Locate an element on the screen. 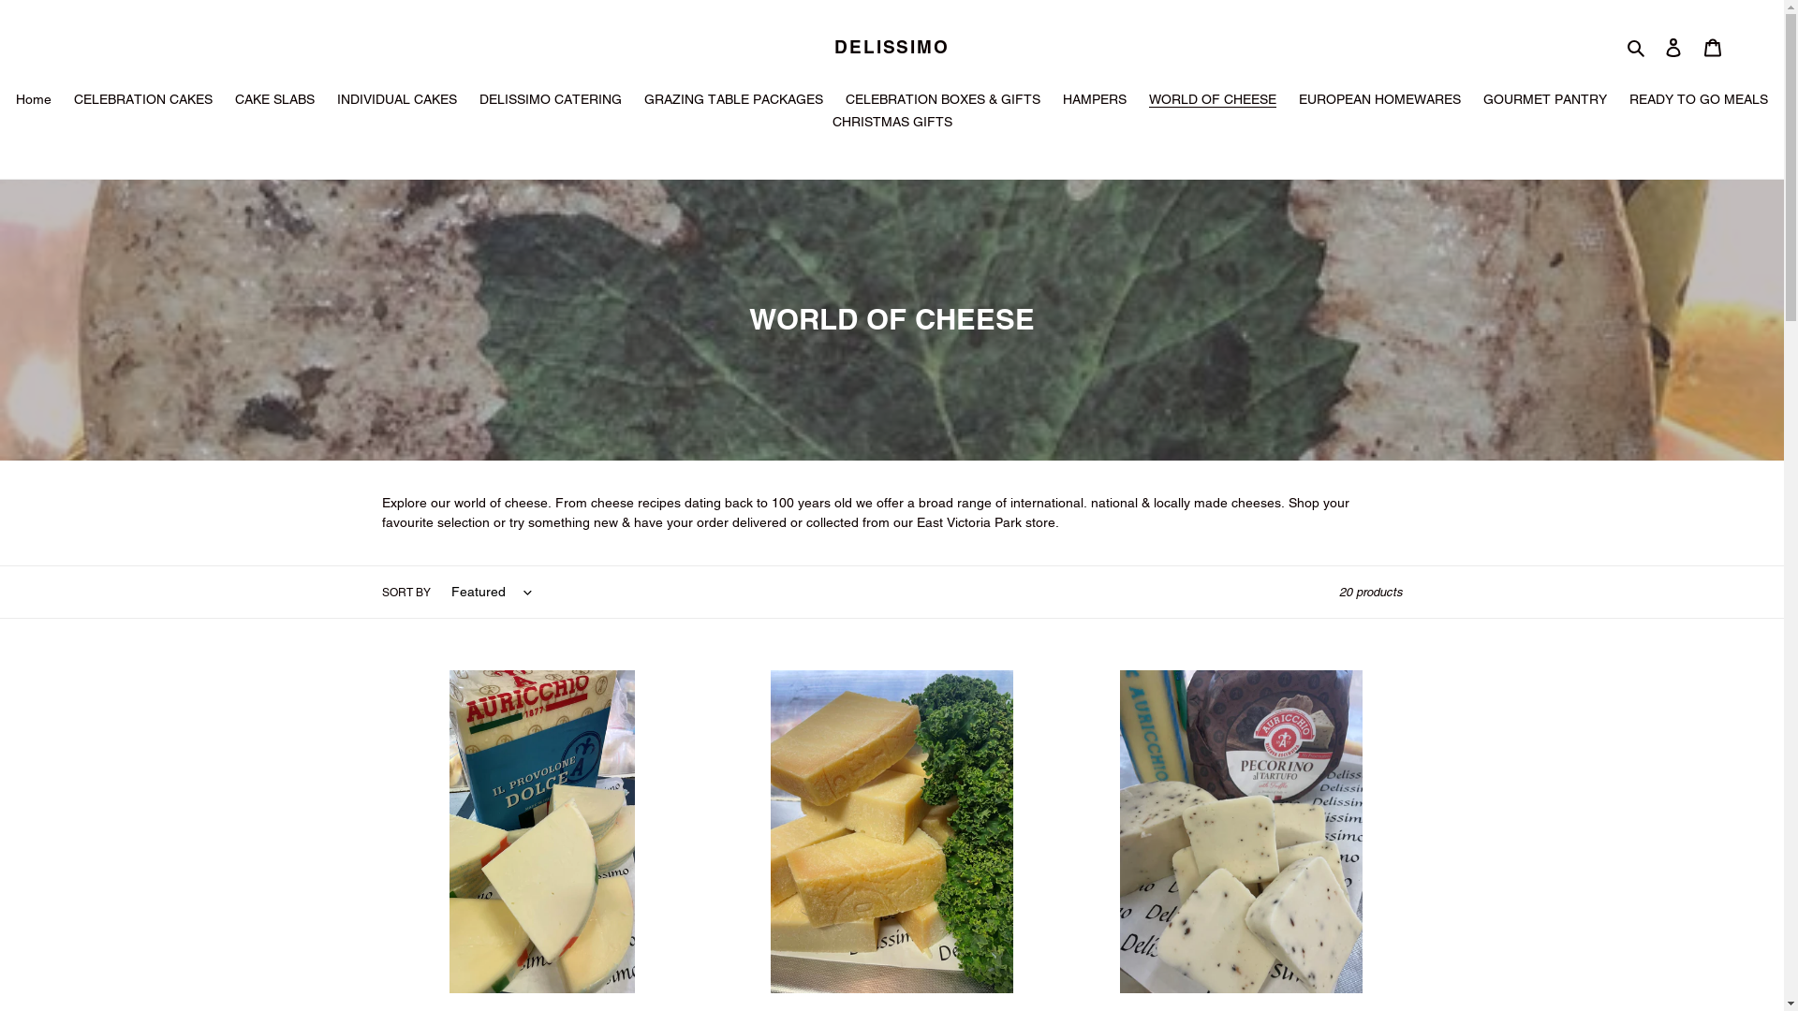 The width and height of the screenshot is (1798, 1011). 'CAKE SLABS' is located at coordinates (273, 101).